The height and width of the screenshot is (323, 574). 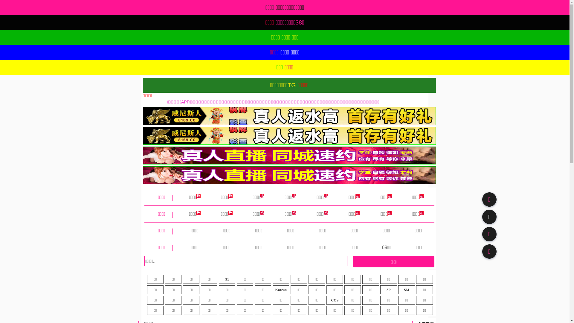 What do you see at coordinates (406, 289) in the screenshot?
I see `'SM'` at bounding box center [406, 289].